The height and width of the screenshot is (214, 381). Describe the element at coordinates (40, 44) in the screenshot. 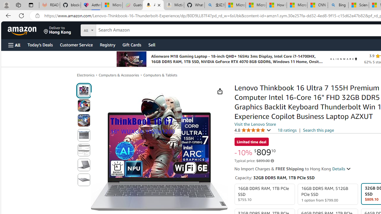

I see `'Today'` at that location.